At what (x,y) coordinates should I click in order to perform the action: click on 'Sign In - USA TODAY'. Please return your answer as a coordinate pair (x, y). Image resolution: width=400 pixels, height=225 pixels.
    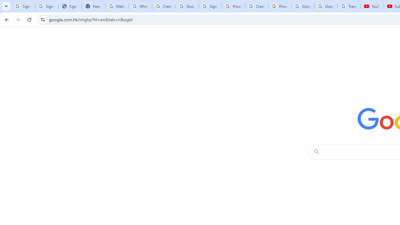
    Looking at the image, I should click on (70, 6).